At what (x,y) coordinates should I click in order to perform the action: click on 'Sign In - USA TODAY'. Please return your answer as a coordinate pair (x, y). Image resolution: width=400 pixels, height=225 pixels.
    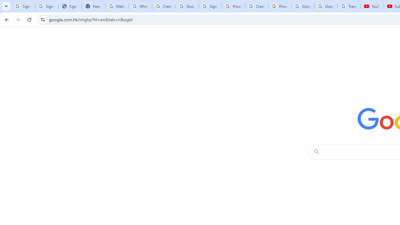
    Looking at the image, I should click on (70, 6).